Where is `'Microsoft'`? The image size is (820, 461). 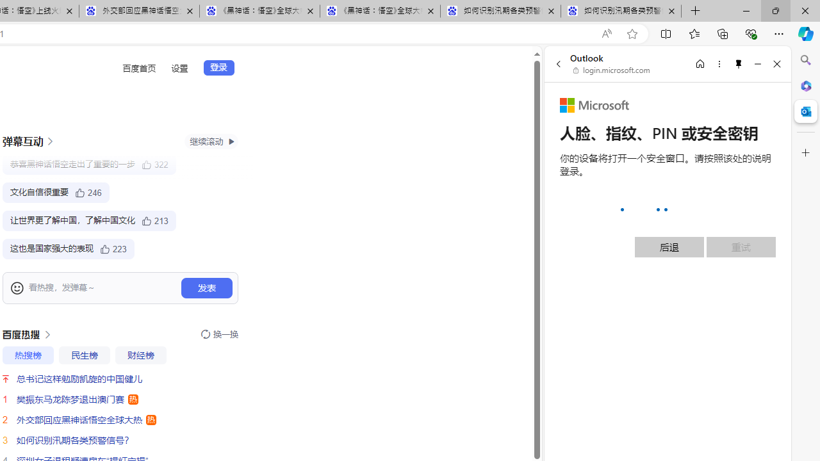 'Microsoft' is located at coordinates (594, 105).